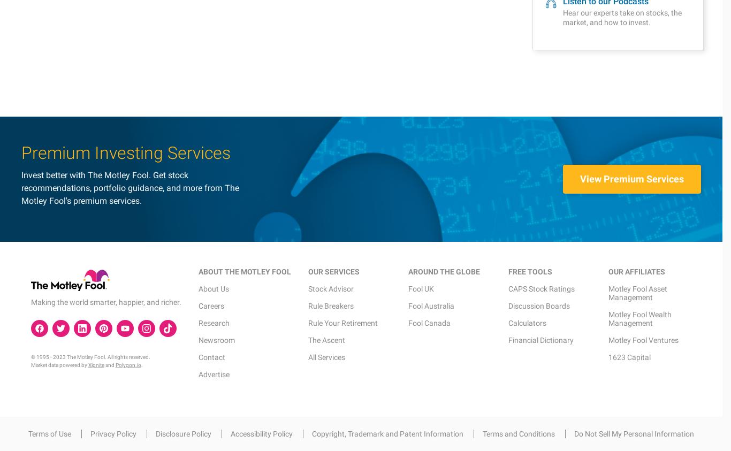 Image resolution: width=731 pixels, height=451 pixels. Describe the element at coordinates (103, 122) in the screenshot. I see `'and'` at that location.